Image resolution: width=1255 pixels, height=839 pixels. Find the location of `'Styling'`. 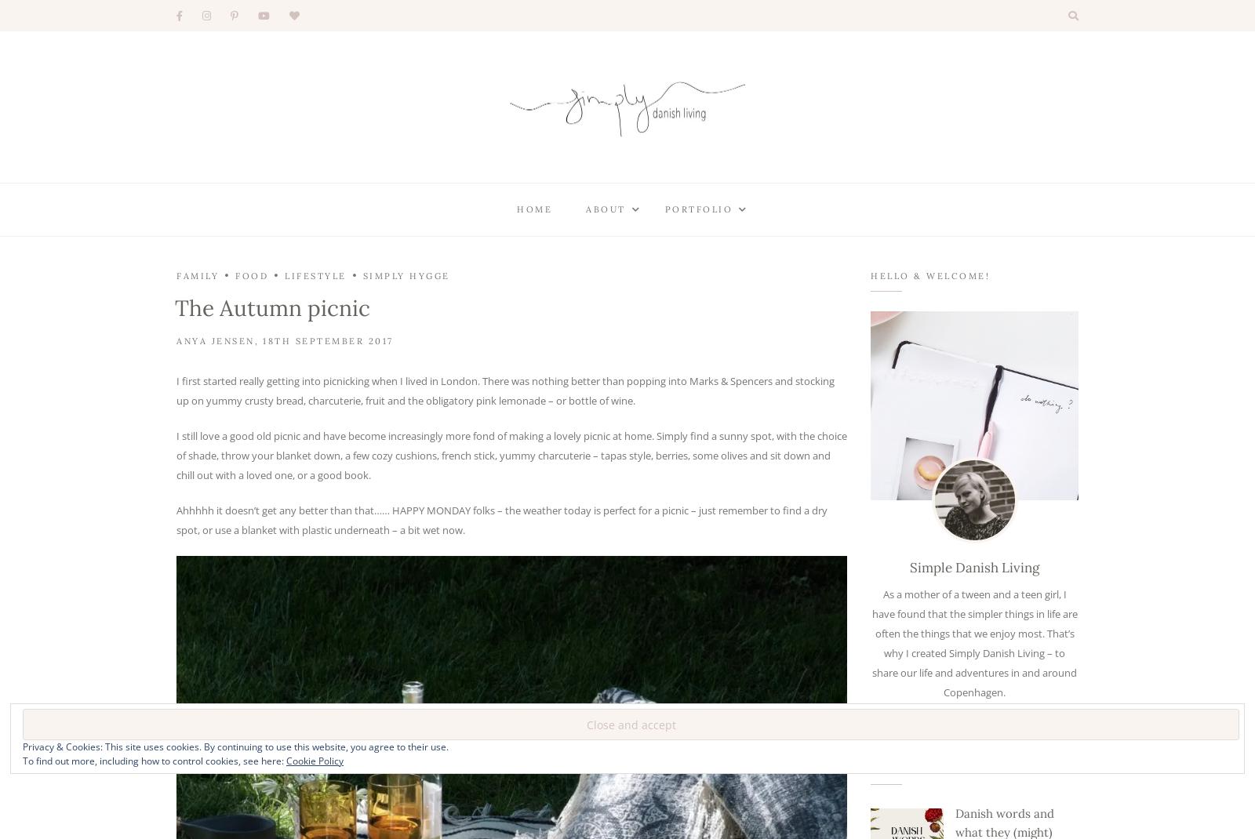

'Styling' is located at coordinates (683, 274).